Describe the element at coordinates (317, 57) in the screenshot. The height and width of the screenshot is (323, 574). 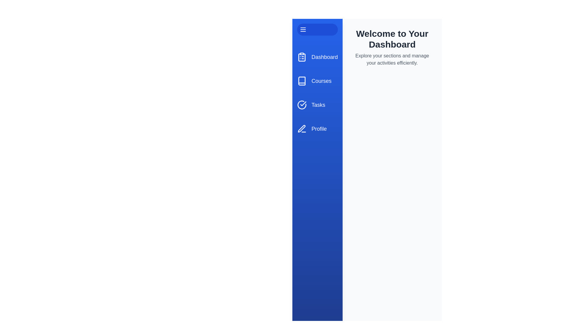
I see `the menu item Dashboard` at that location.